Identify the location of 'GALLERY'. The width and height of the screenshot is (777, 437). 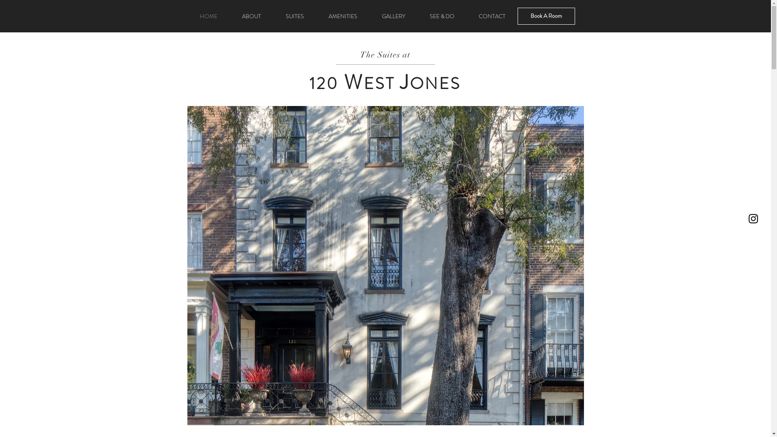
(394, 16).